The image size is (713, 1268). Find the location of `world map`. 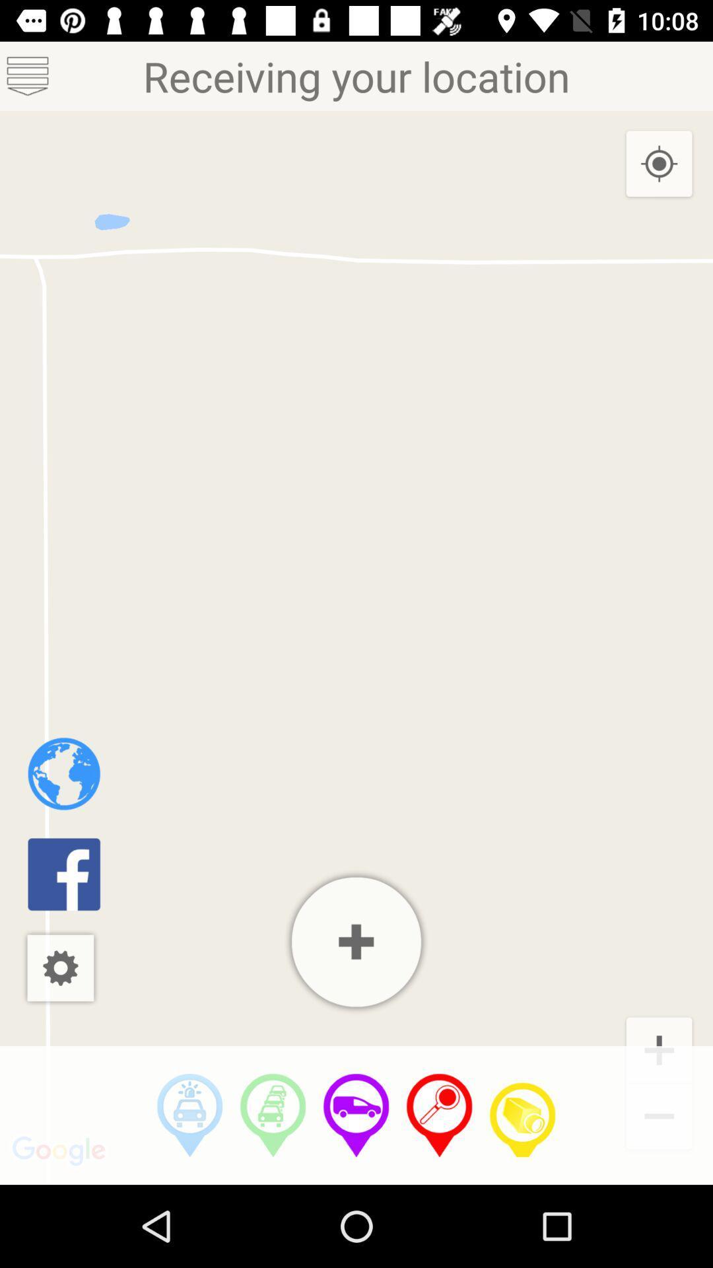

world map is located at coordinates (64, 773).